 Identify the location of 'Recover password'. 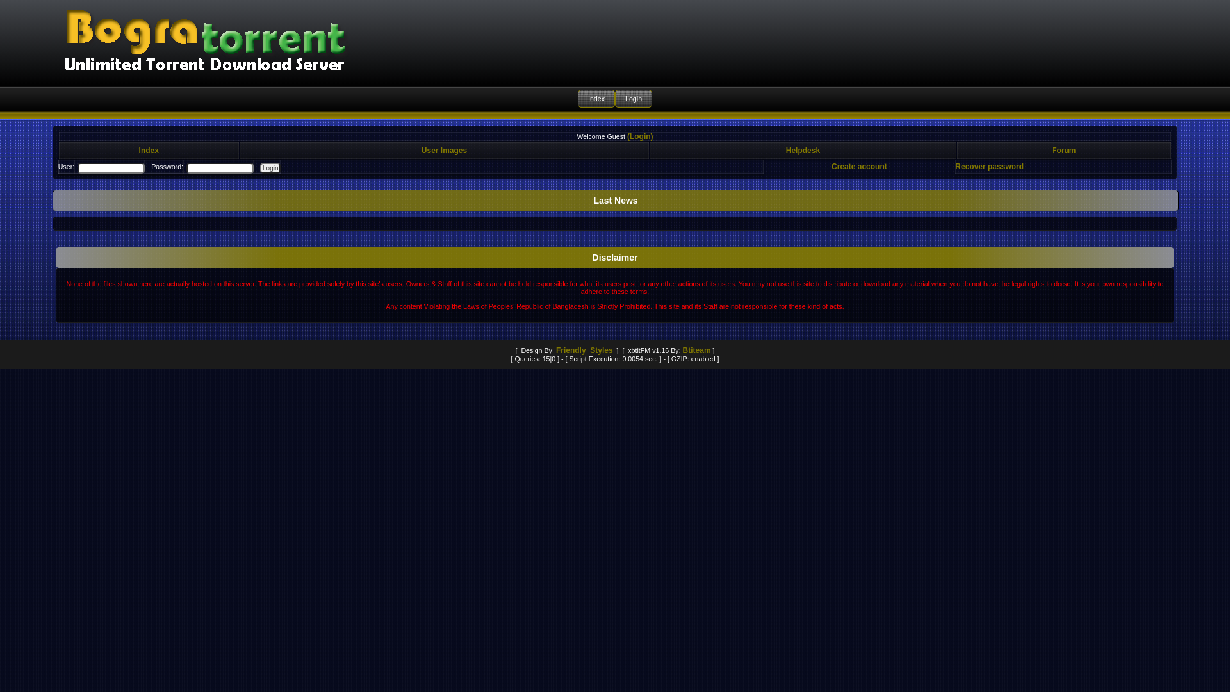
(988, 165).